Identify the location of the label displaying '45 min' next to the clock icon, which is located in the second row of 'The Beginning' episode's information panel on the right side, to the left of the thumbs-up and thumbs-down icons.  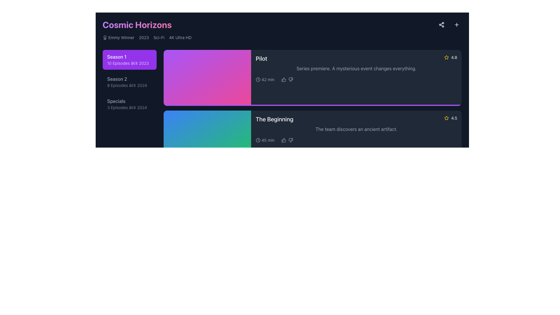
(265, 140).